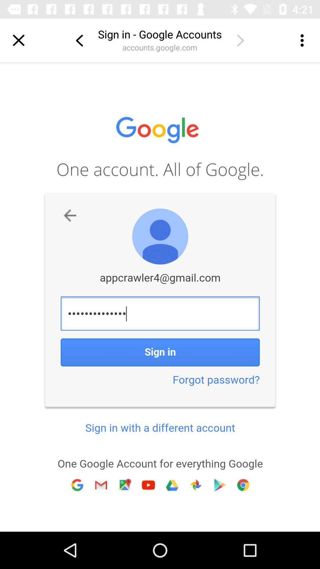 The width and height of the screenshot is (320, 569). What do you see at coordinates (18, 40) in the screenshot?
I see `box` at bounding box center [18, 40].